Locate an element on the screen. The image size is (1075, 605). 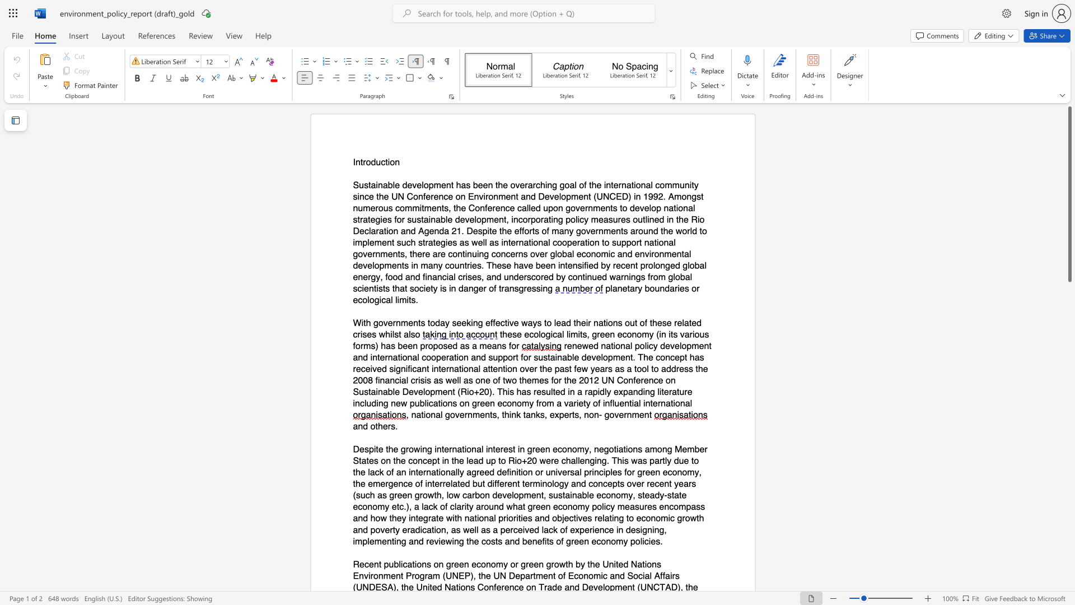
the scrollbar to move the page downward is located at coordinates (1069, 582).